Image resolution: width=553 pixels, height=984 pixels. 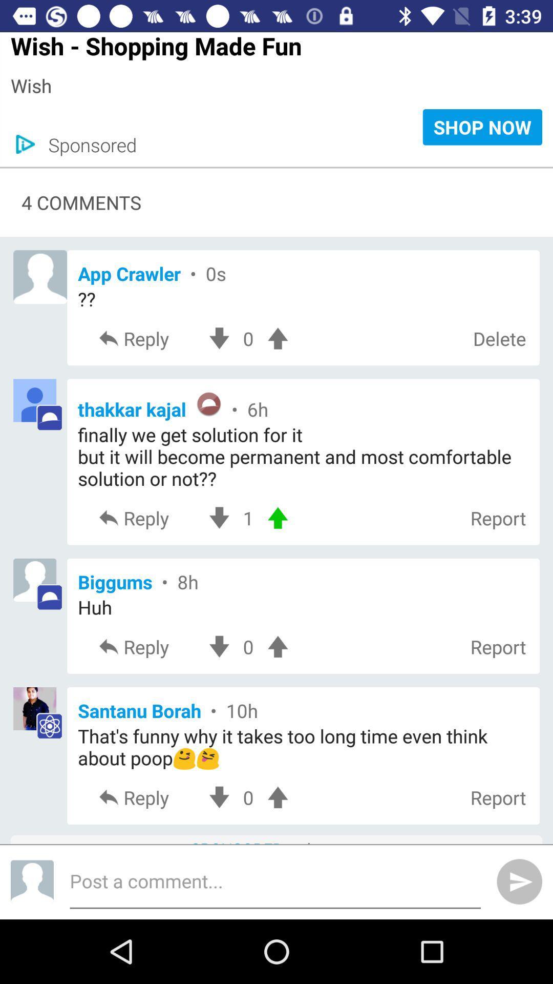 I want to click on the send icon which is in bottom right corner of the page, so click(x=519, y=881).